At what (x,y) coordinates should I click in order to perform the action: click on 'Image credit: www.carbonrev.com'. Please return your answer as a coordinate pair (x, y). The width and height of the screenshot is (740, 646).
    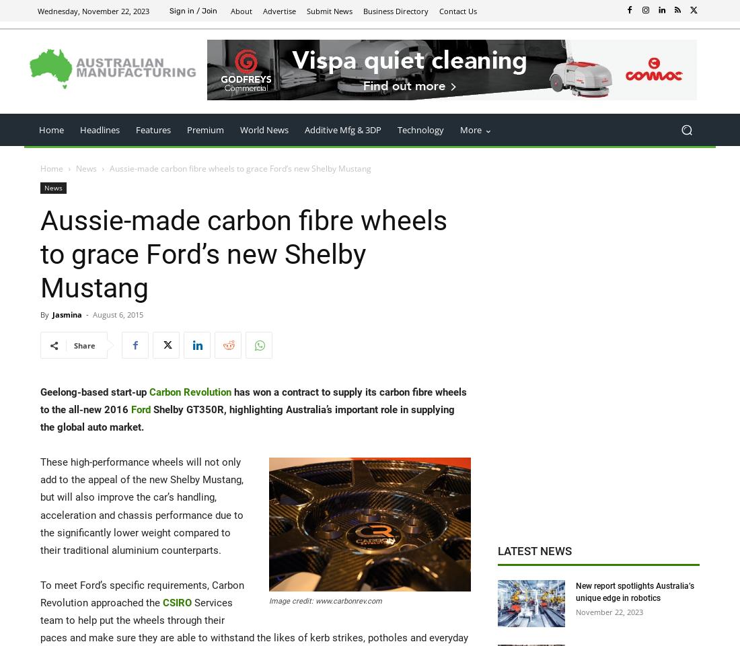
    Looking at the image, I should click on (326, 600).